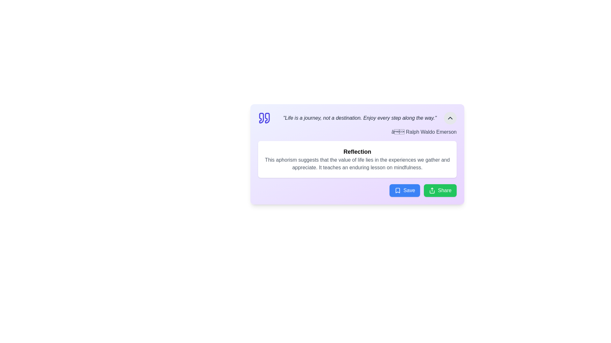 This screenshot has height=343, width=611. I want to click on the second quotation mark icon, which is a smooth, rounded indigo graphical outline located at the top-left corner of the interface card, so click(267, 118).